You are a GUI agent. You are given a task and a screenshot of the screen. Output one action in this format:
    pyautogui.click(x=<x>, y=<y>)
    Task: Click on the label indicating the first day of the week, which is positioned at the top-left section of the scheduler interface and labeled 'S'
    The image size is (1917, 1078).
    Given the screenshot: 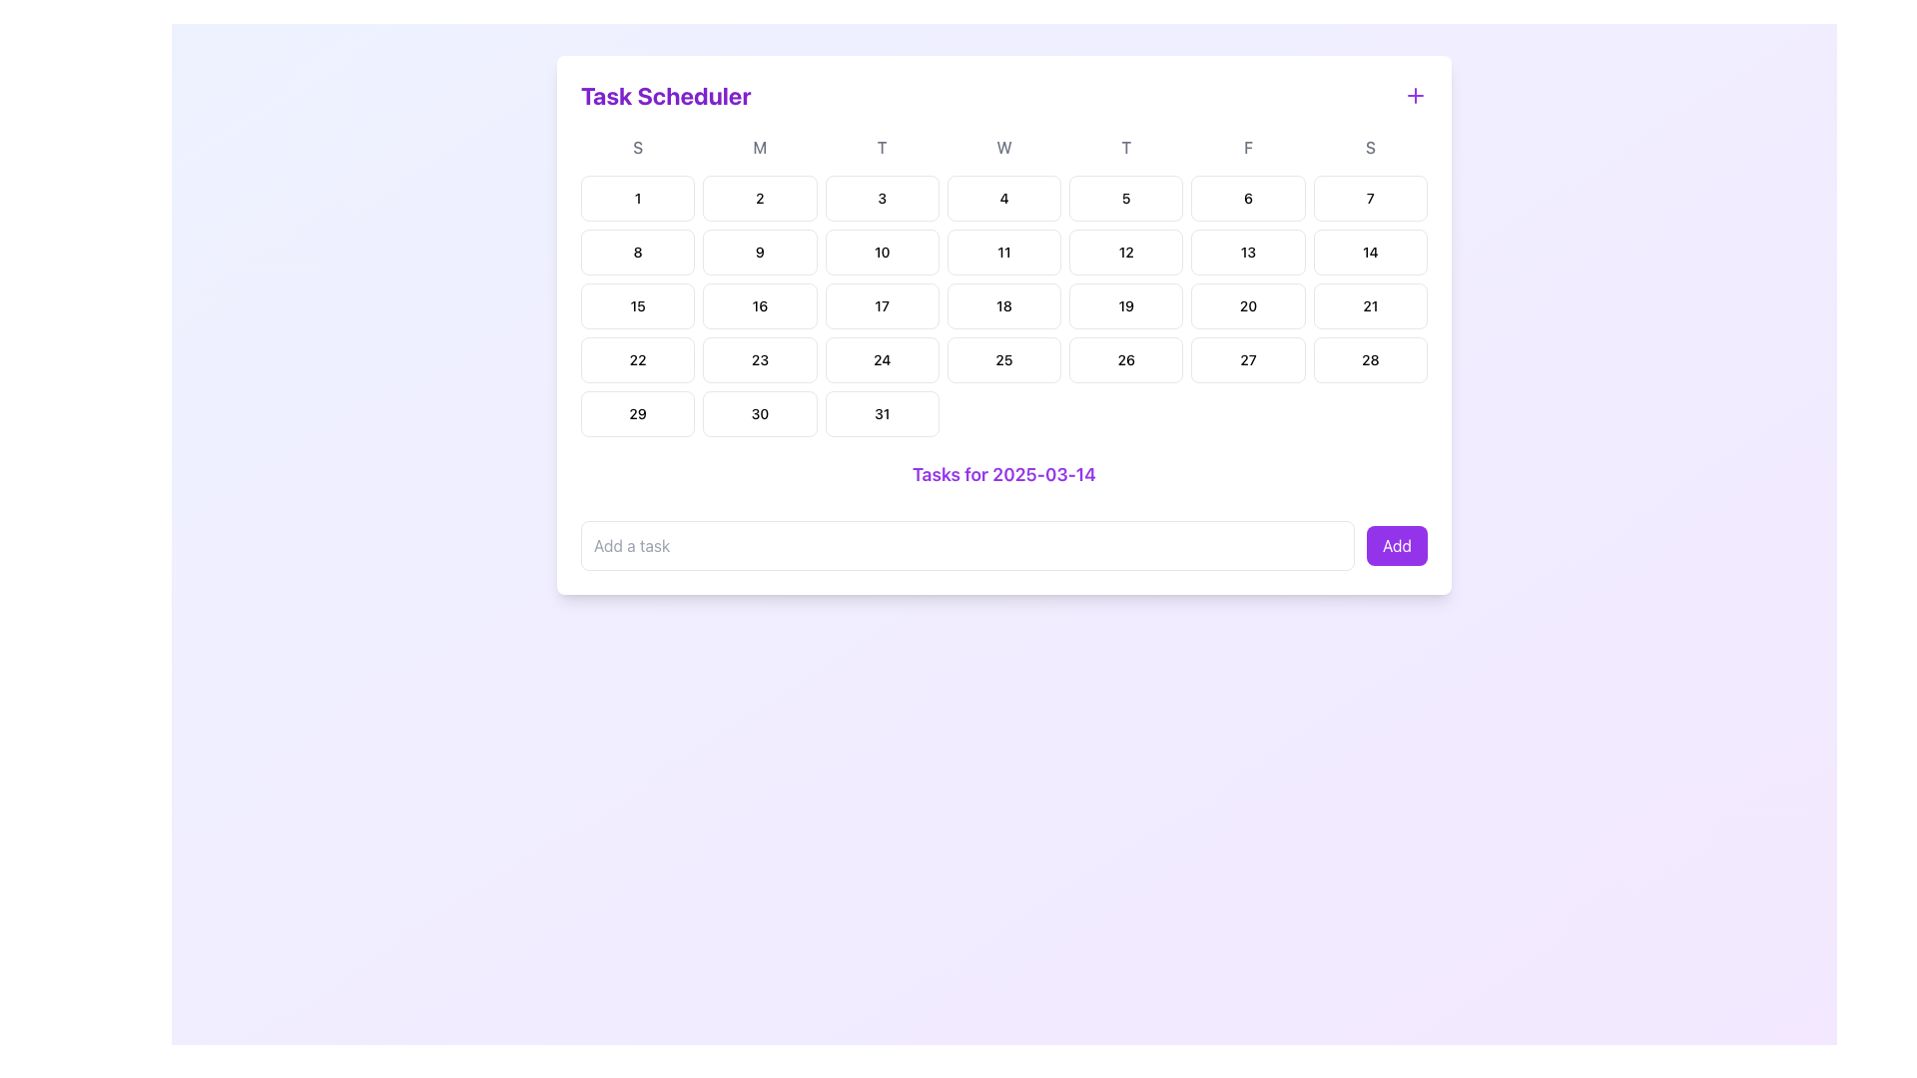 What is the action you would take?
    pyautogui.click(x=637, y=146)
    